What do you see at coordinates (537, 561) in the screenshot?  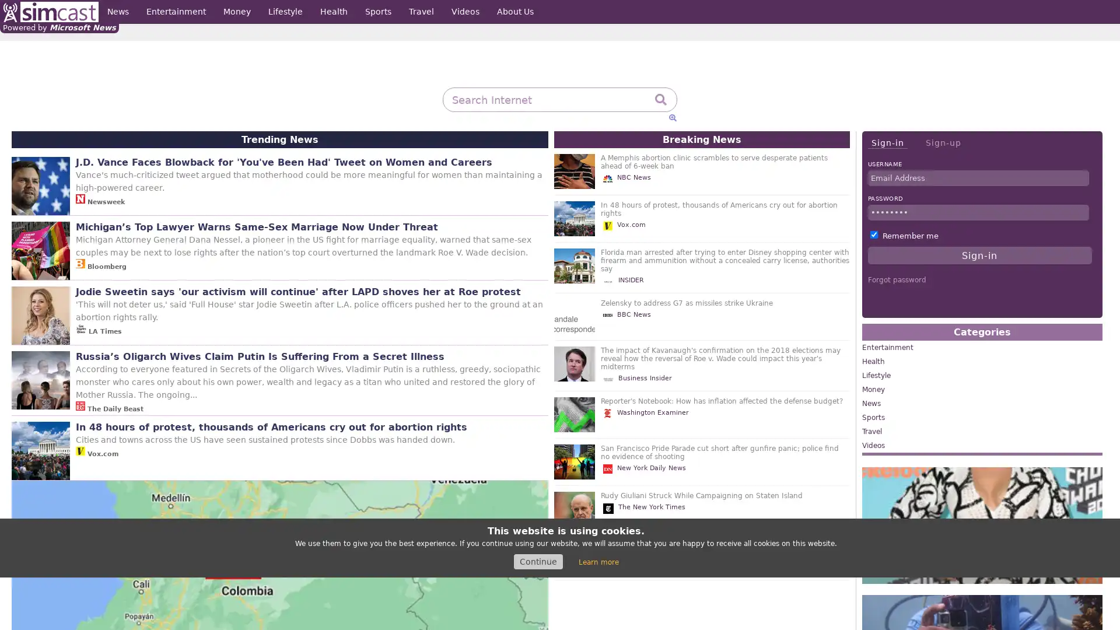 I see `Continue` at bounding box center [537, 561].